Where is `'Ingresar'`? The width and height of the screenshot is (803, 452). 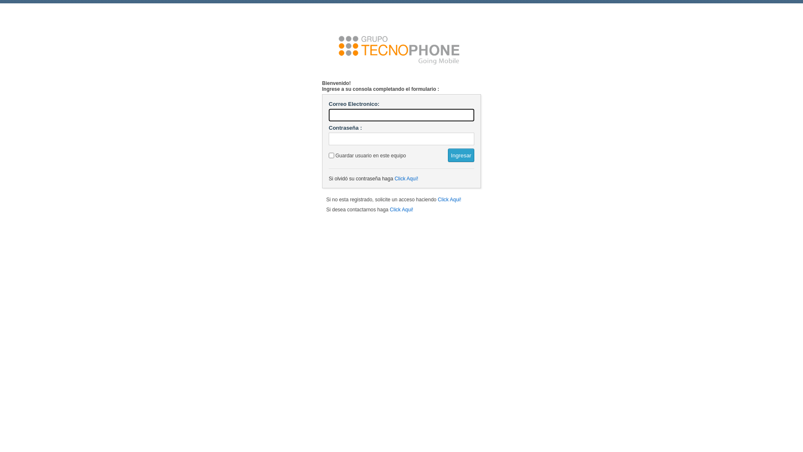
'Ingresar' is located at coordinates (460, 155).